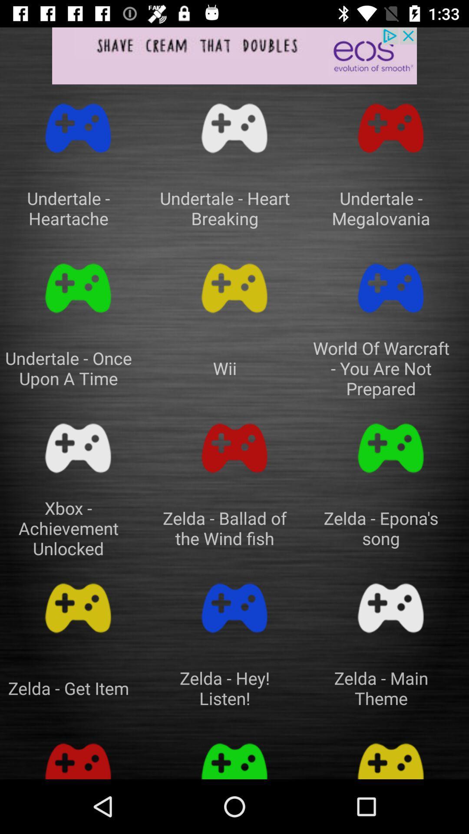  What do you see at coordinates (234, 448) in the screenshot?
I see `option` at bounding box center [234, 448].